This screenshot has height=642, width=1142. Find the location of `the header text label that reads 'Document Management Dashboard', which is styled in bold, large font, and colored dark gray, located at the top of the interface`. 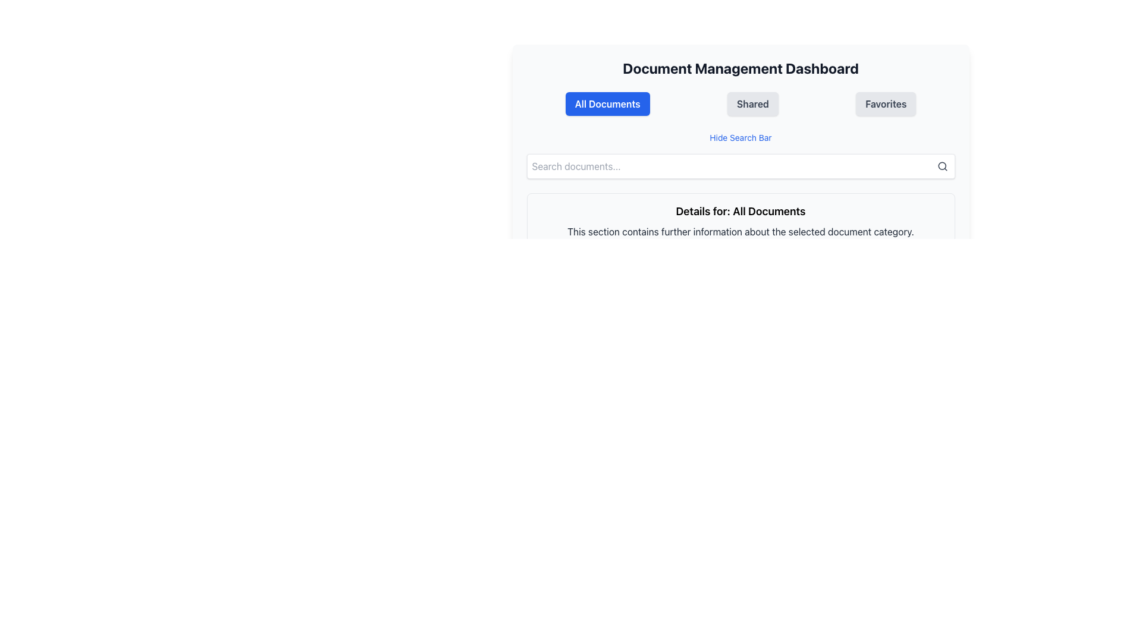

the header text label that reads 'Document Management Dashboard', which is styled in bold, large font, and colored dark gray, located at the top of the interface is located at coordinates (740, 68).